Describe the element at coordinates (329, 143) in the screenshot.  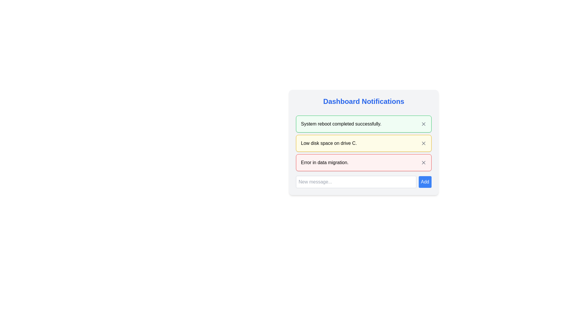
I see `message displayed in the text label saying 'Low disk space on drive C.' which is located in the notification block of the dashboard interface` at that location.